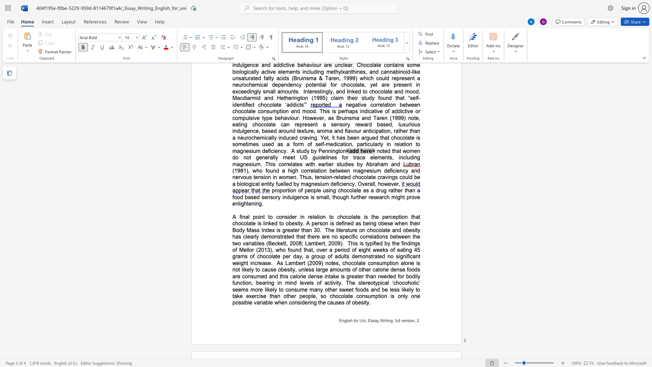  Describe the element at coordinates (341, 283) in the screenshot. I see `the subset text ". The stereotypical ‘chocoholic’ seems more likely to consume many other sweet foods and be less likely to take exercise than other people, so cho" within the text "of other calorie dense foods are consumed and this calorie dense intake is greater than needed for bodily function, bearing in mind levels of activity. The stereotypical ‘chocoholic’ seems more likely to consume many other sweet foods and be less likely to take exercise than other people, so chocolate consumption is only one possible variable when considering th"` at that location.